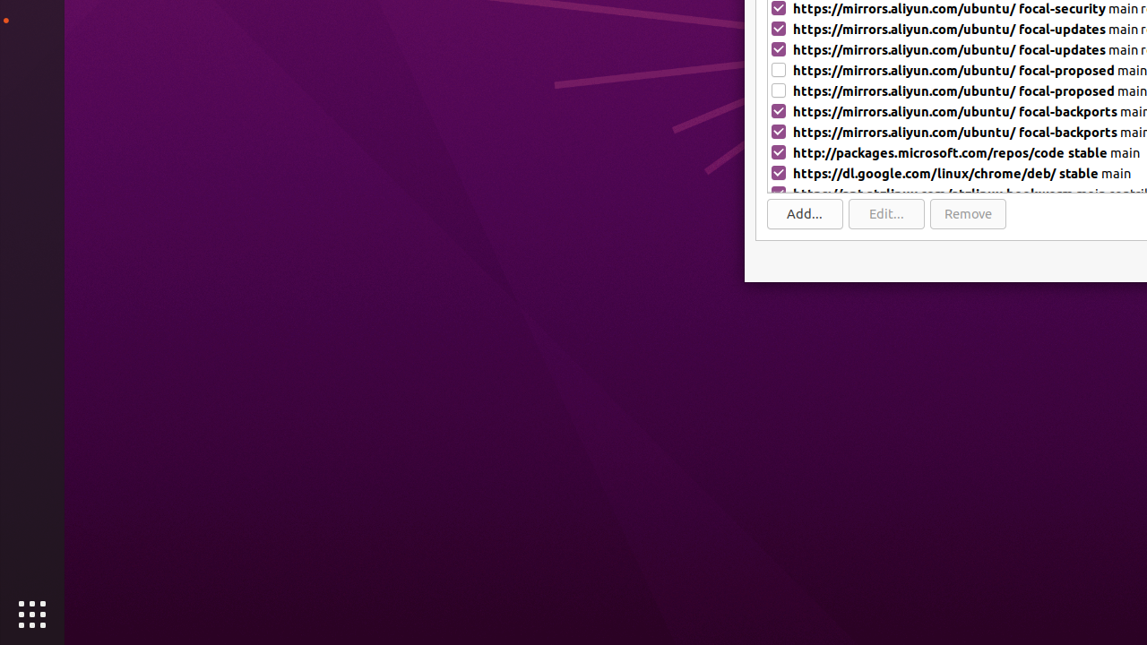  What do you see at coordinates (886, 212) in the screenshot?
I see `'Edit...'` at bounding box center [886, 212].